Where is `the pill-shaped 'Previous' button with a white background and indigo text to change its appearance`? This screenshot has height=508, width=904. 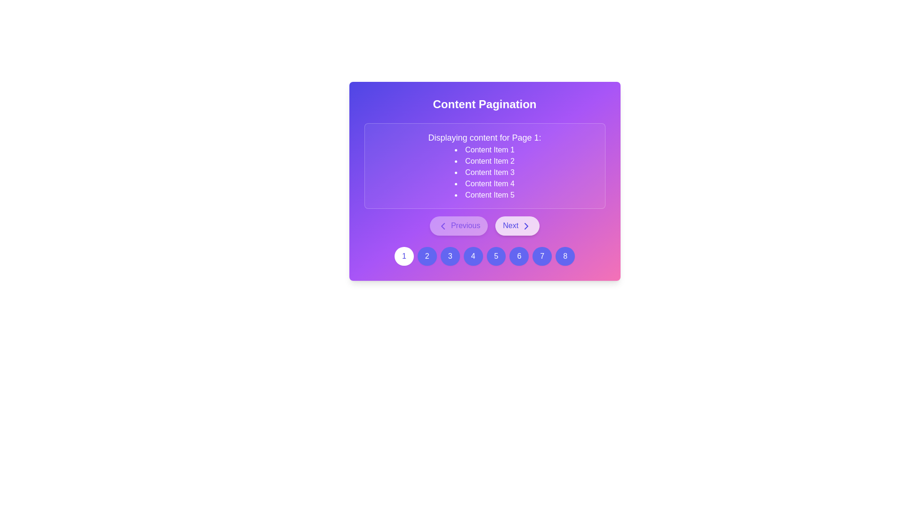 the pill-shaped 'Previous' button with a white background and indigo text to change its appearance is located at coordinates (459, 226).